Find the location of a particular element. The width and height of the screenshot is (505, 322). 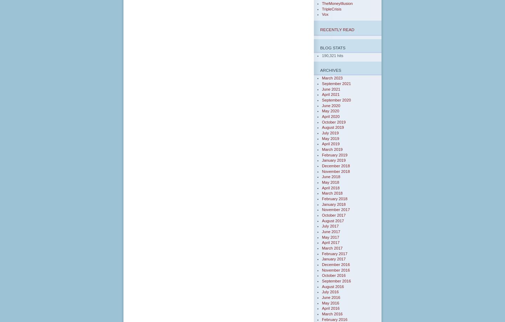

'December 2018' is located at coordinates (336, 165).